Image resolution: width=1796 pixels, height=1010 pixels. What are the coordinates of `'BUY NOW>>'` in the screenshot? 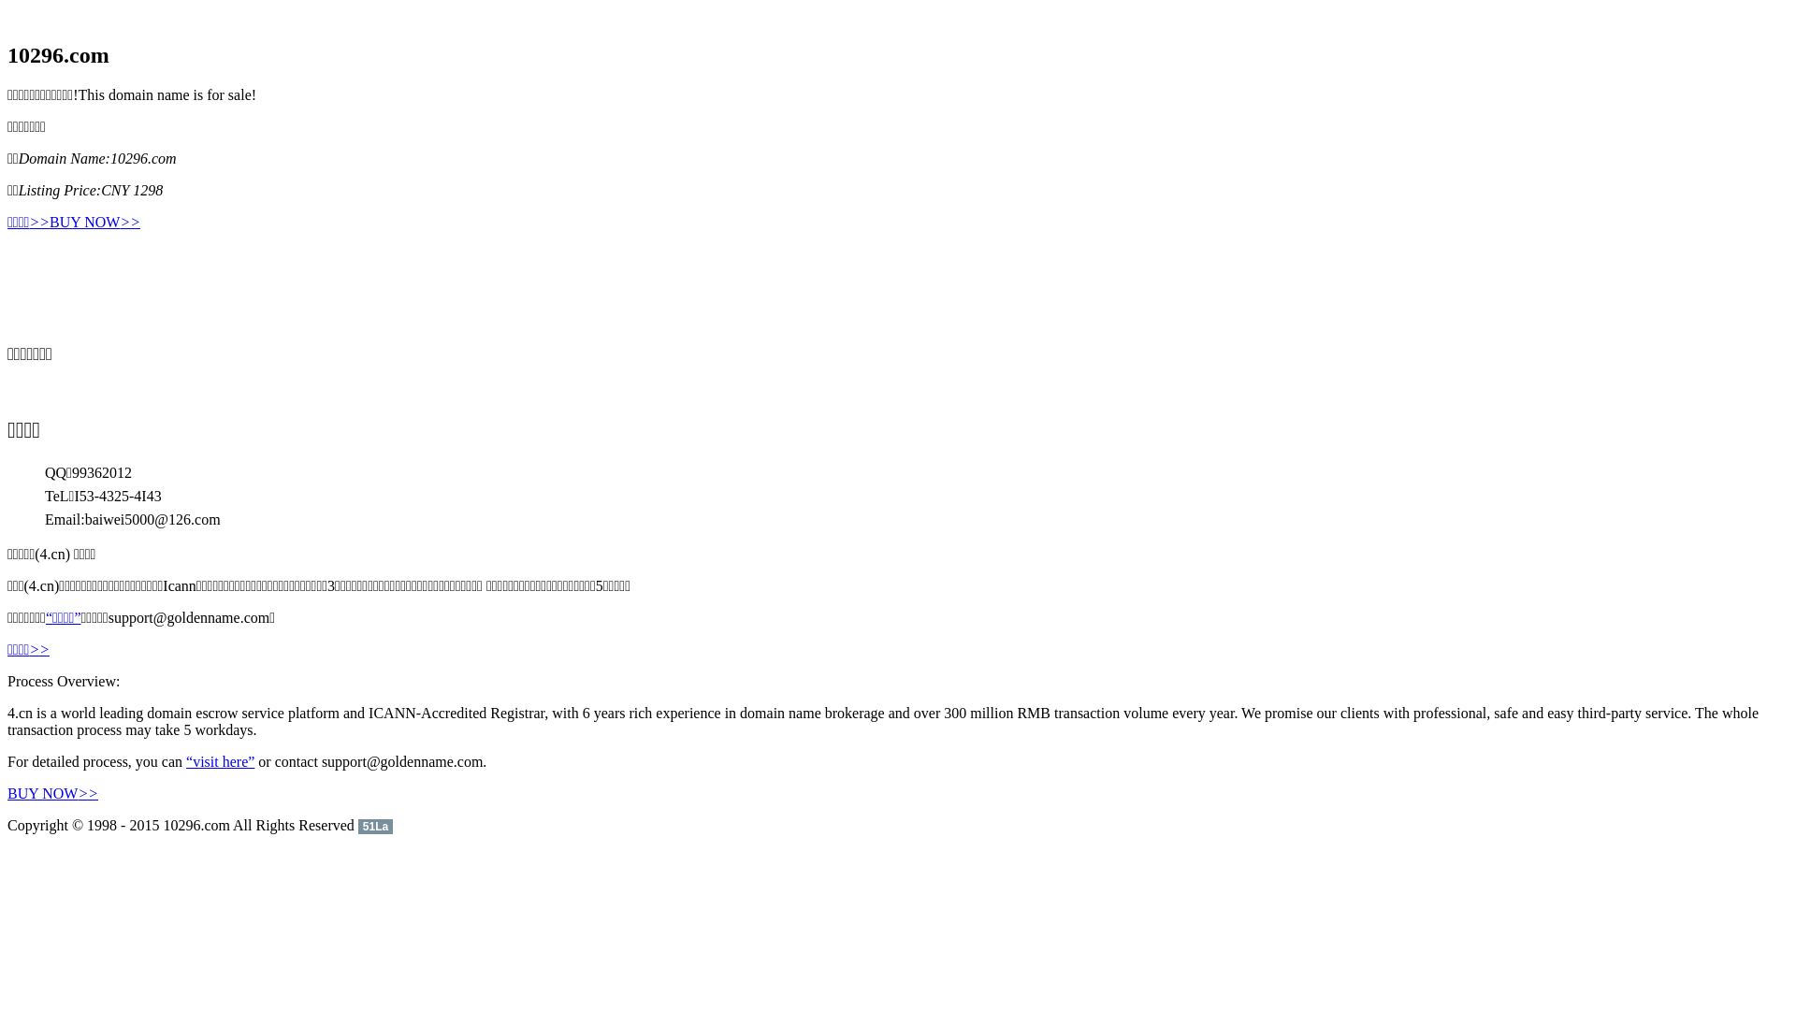 It's located at (52, 793).